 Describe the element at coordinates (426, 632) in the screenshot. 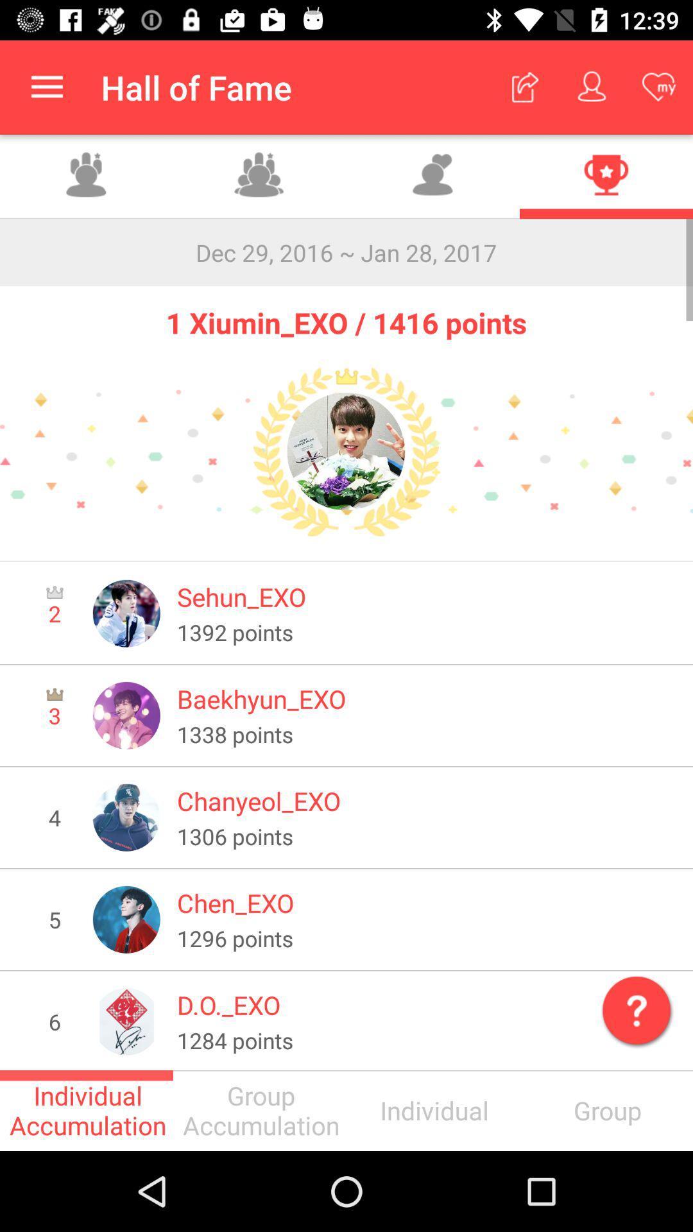

I see `the 1392 points` at that location.